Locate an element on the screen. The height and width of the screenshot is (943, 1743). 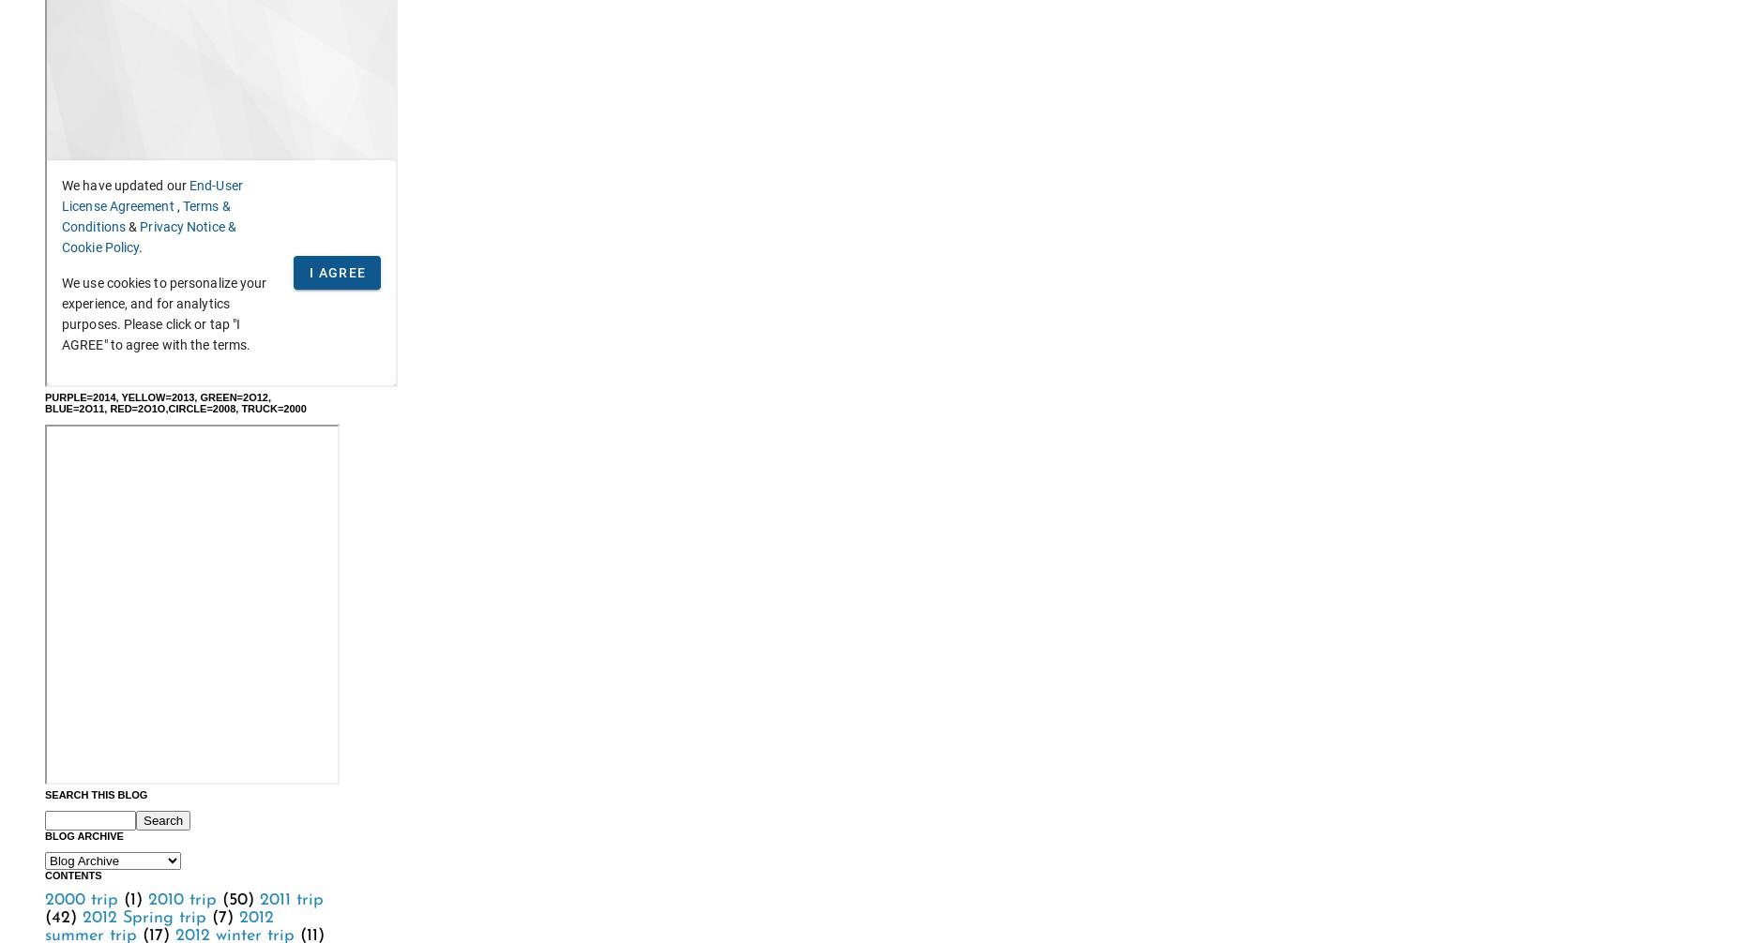
'Search This Blog' is located at coordinates (96, 792).